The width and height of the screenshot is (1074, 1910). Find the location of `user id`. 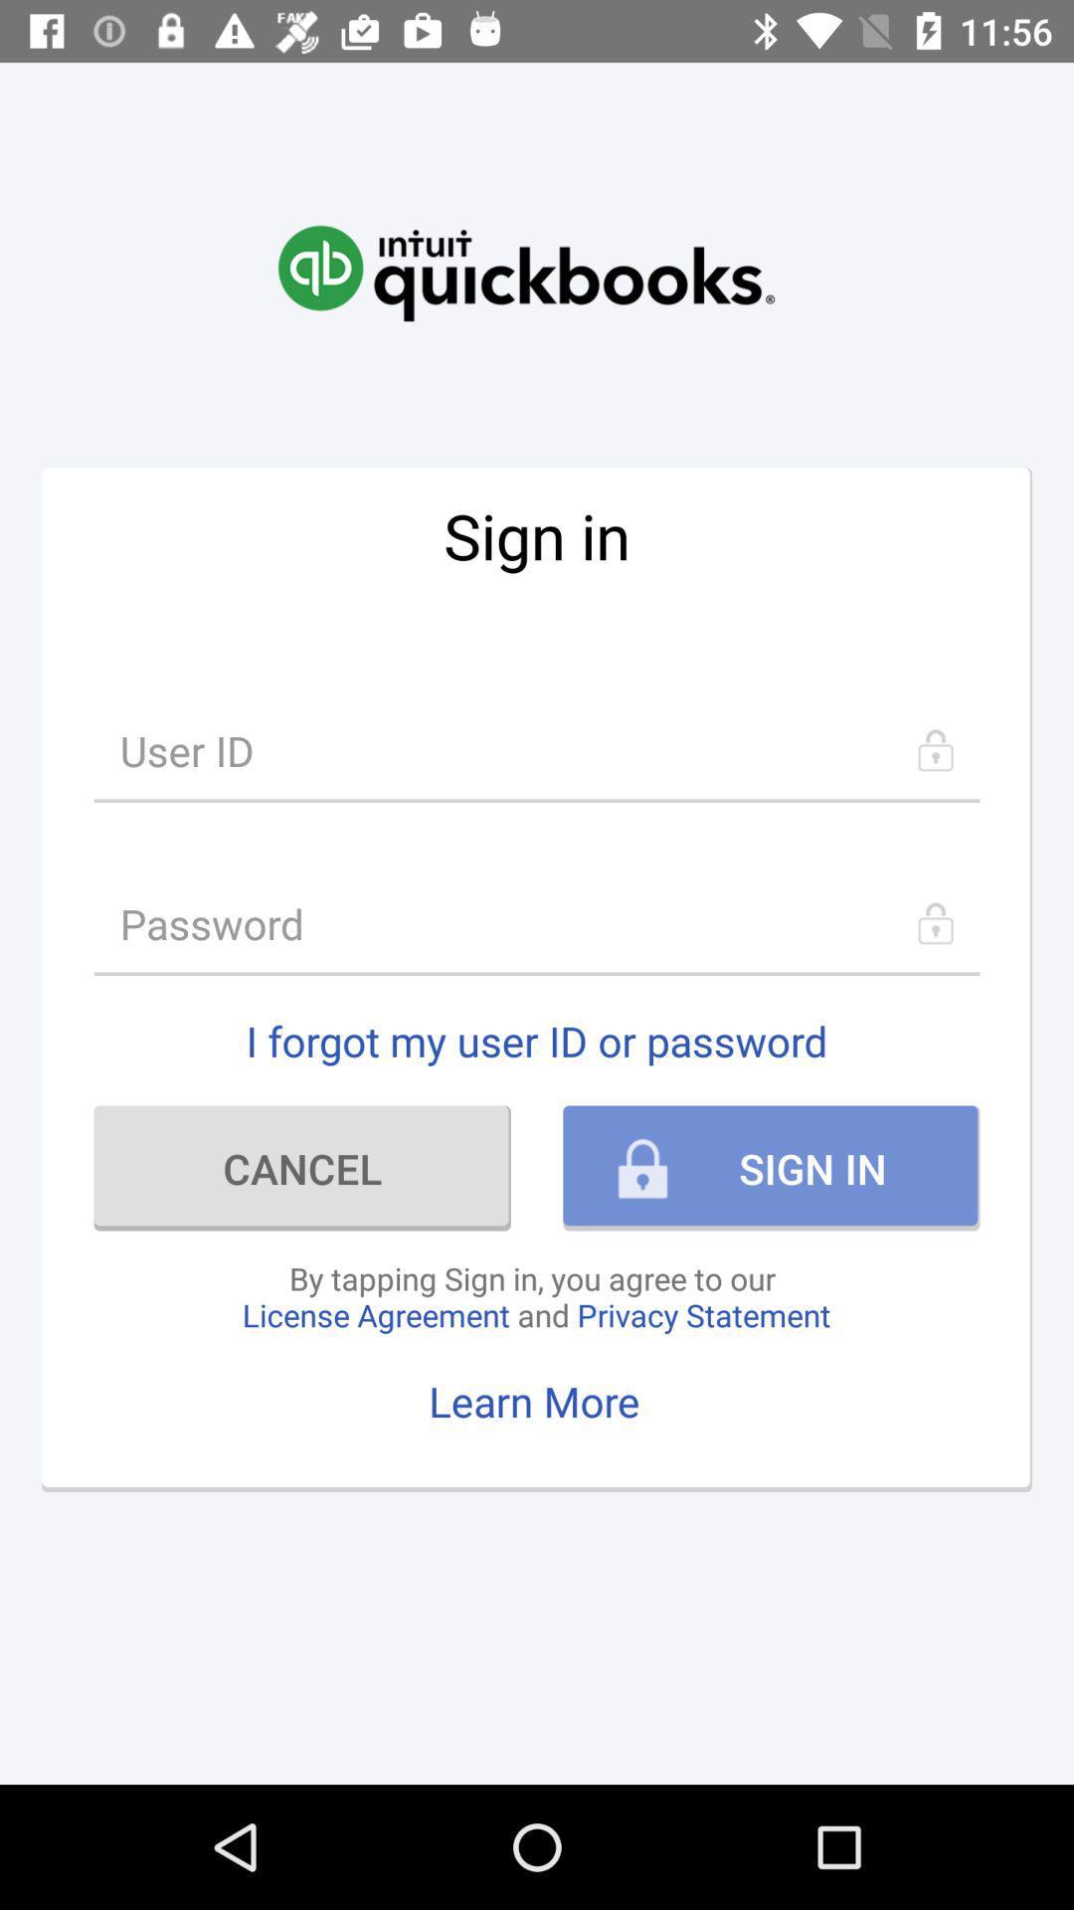

user id is located at coordinates (537, 749).